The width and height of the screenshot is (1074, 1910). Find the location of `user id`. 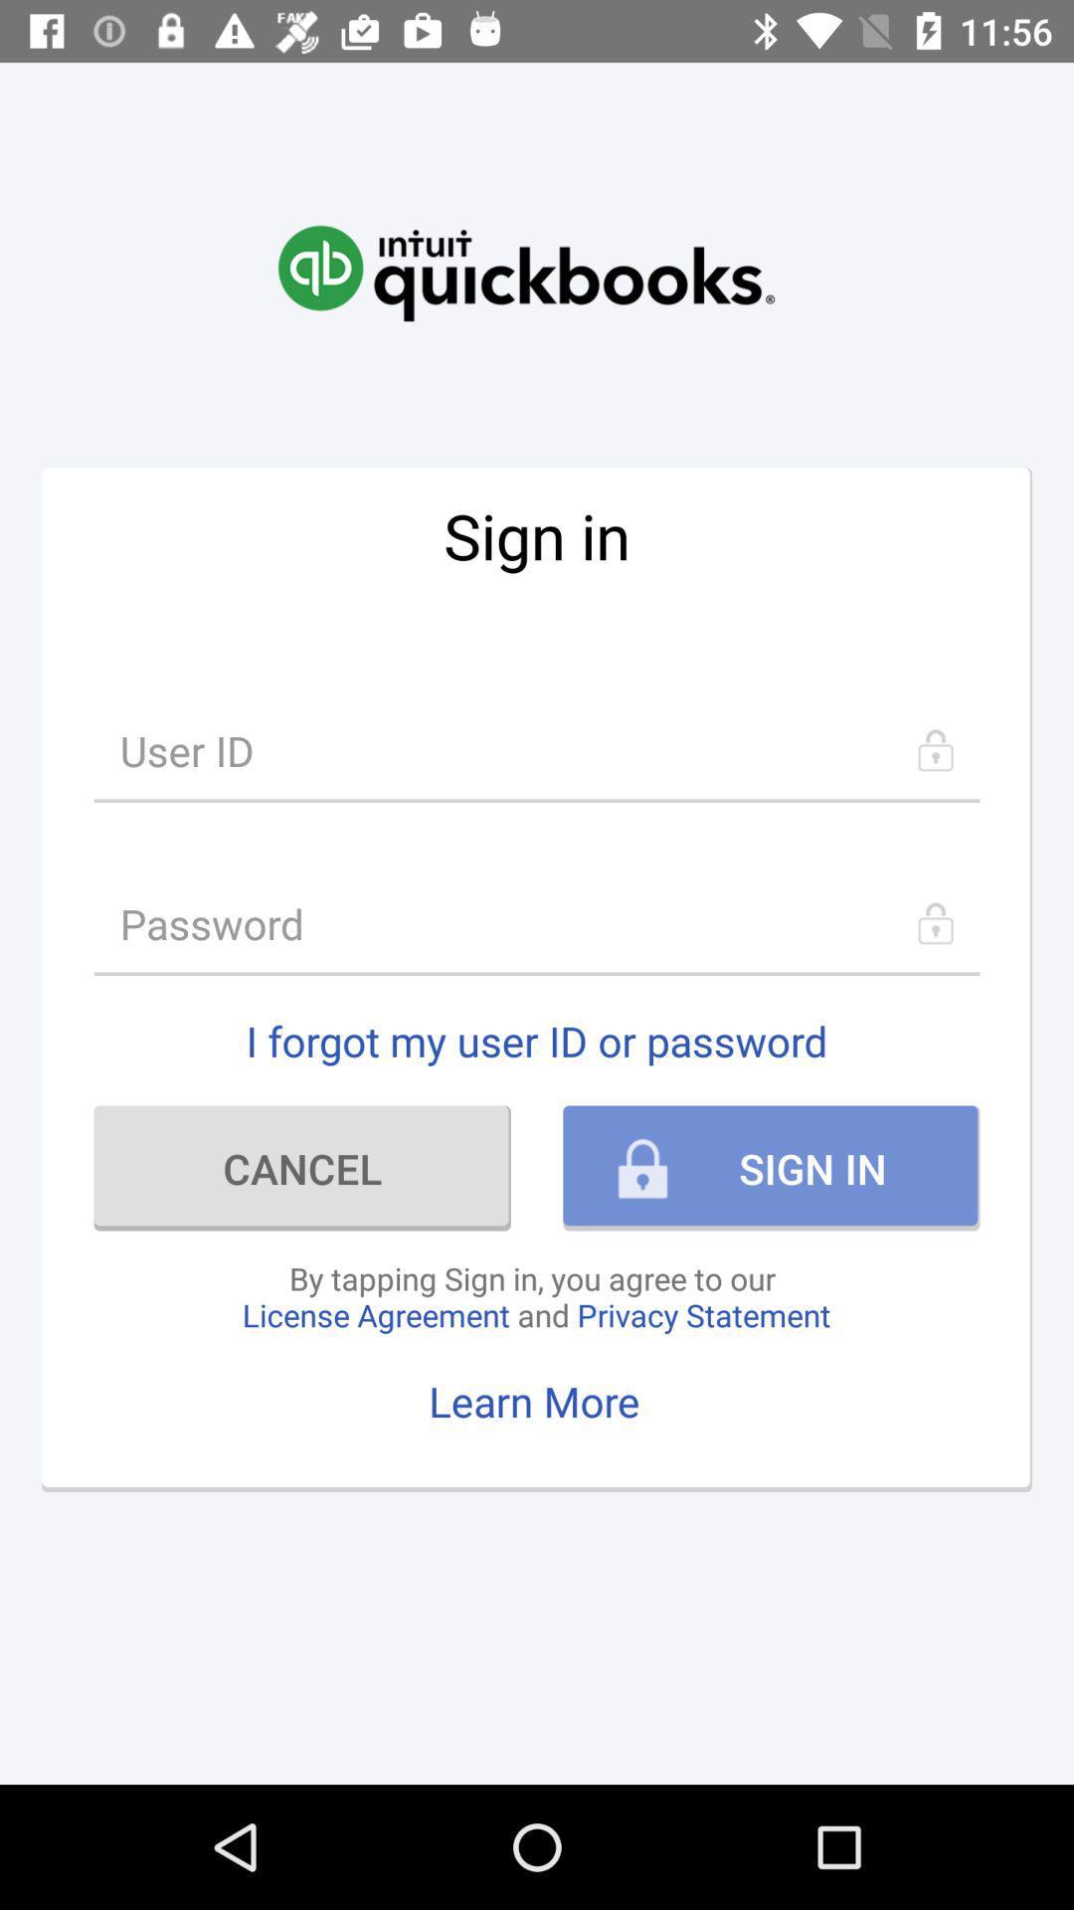

user id is located at coordinates (537, 749).